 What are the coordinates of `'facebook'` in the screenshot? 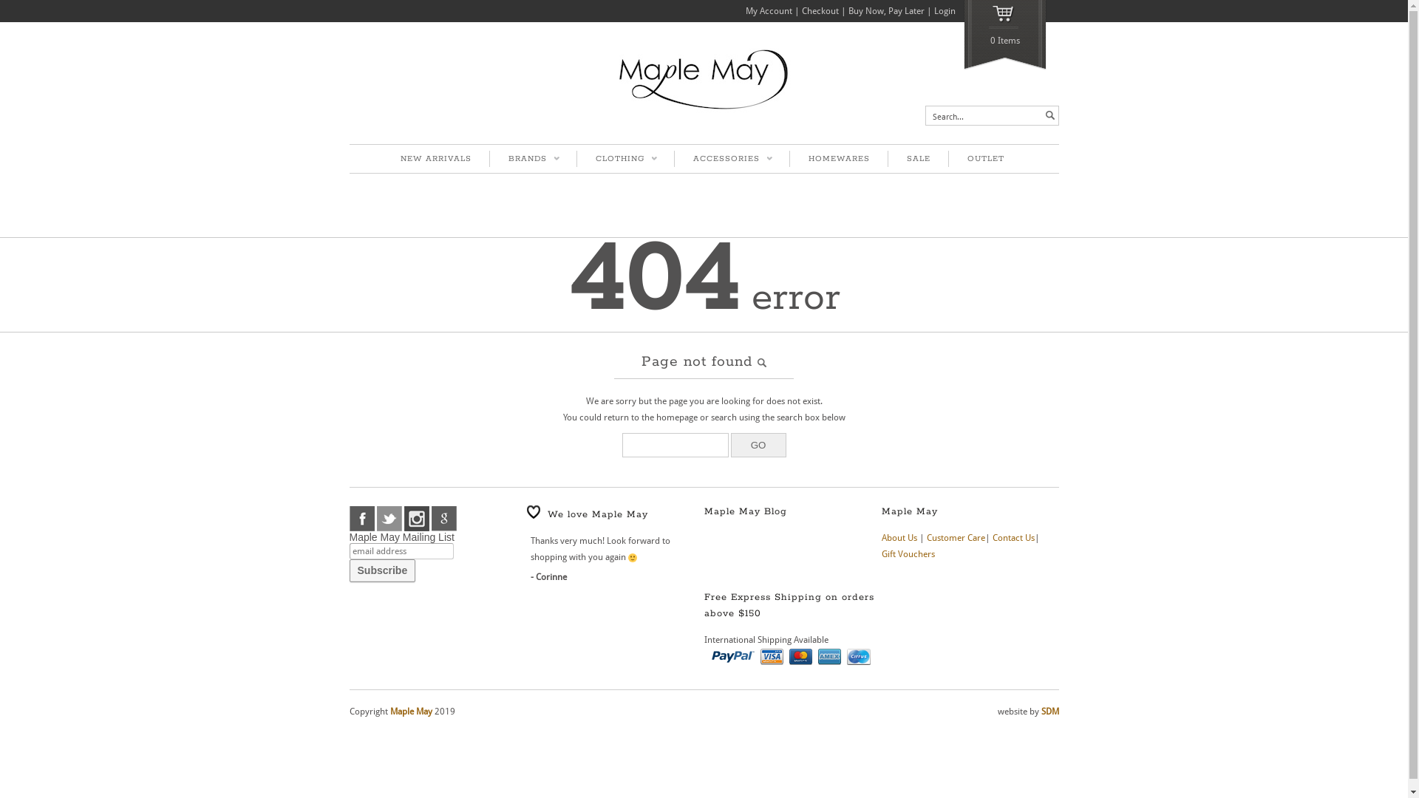 It's located at (347, 518).